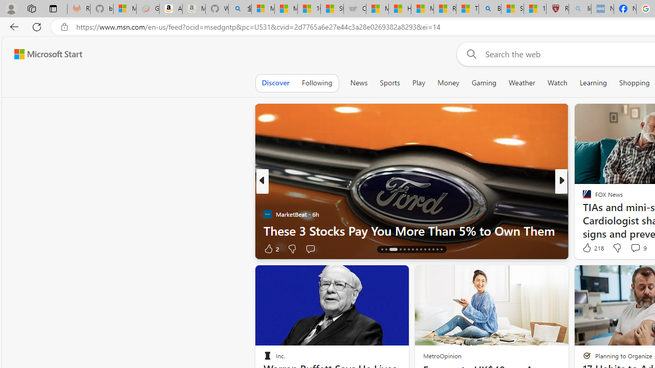  What do you see at coordinates (442, 355) in the screenshot?
I see `'MetroOpinion'` at bounding box center [442, 355].